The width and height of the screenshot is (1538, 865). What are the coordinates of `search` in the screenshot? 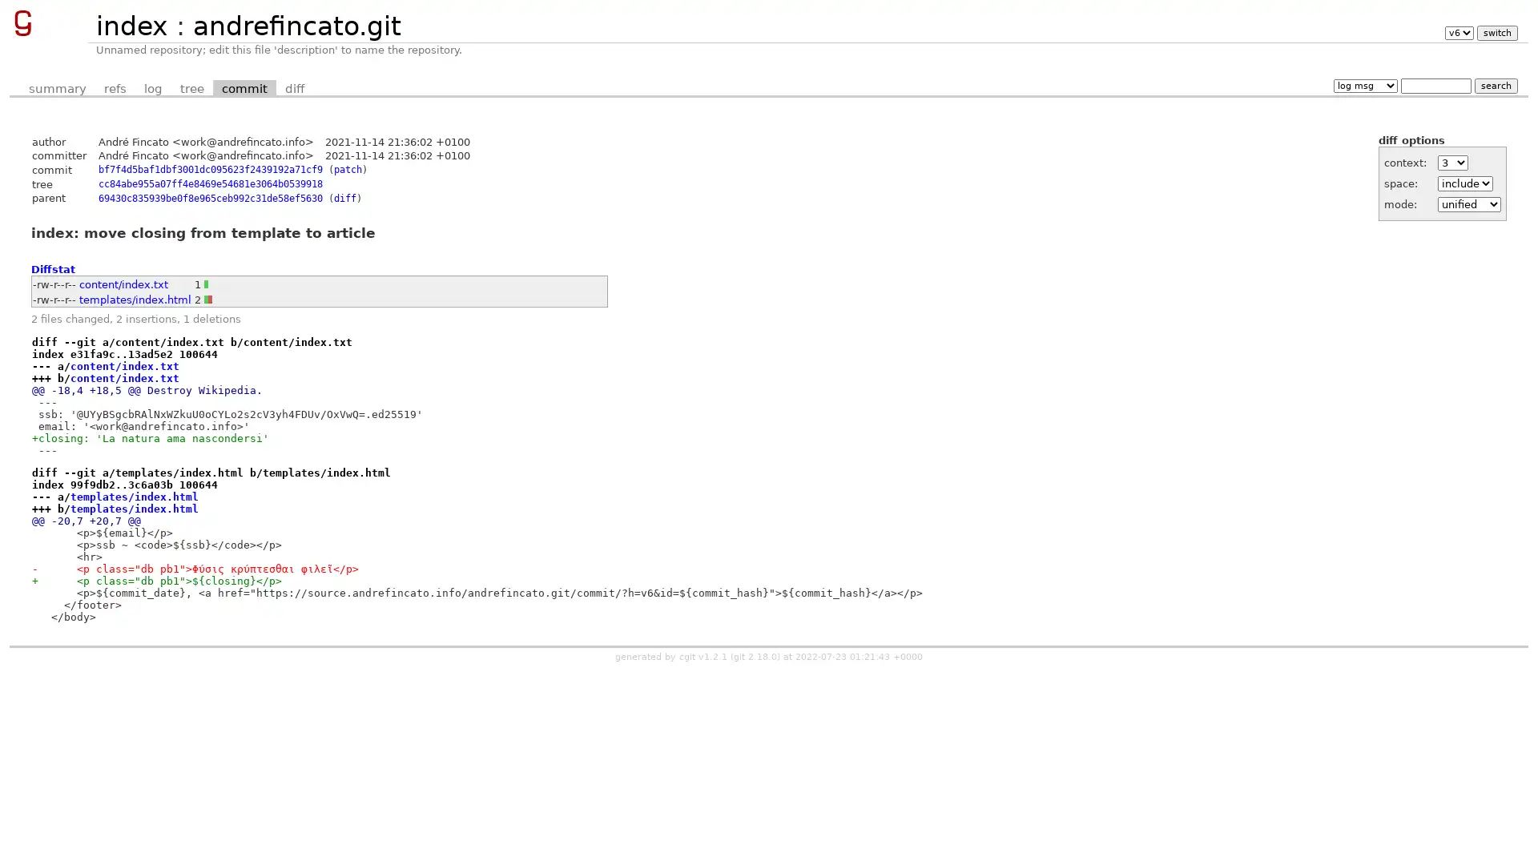 It's located at (1495, 85).